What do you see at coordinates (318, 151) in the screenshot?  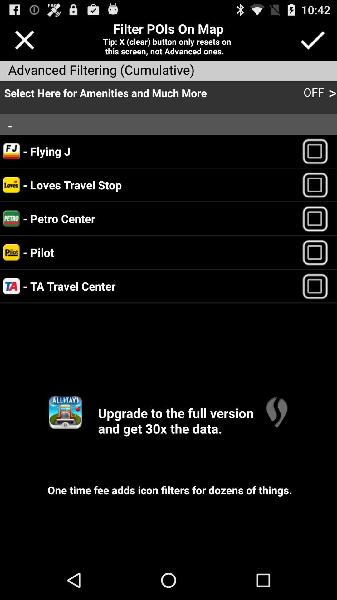 I see `option` at bounding box center [318, 151].